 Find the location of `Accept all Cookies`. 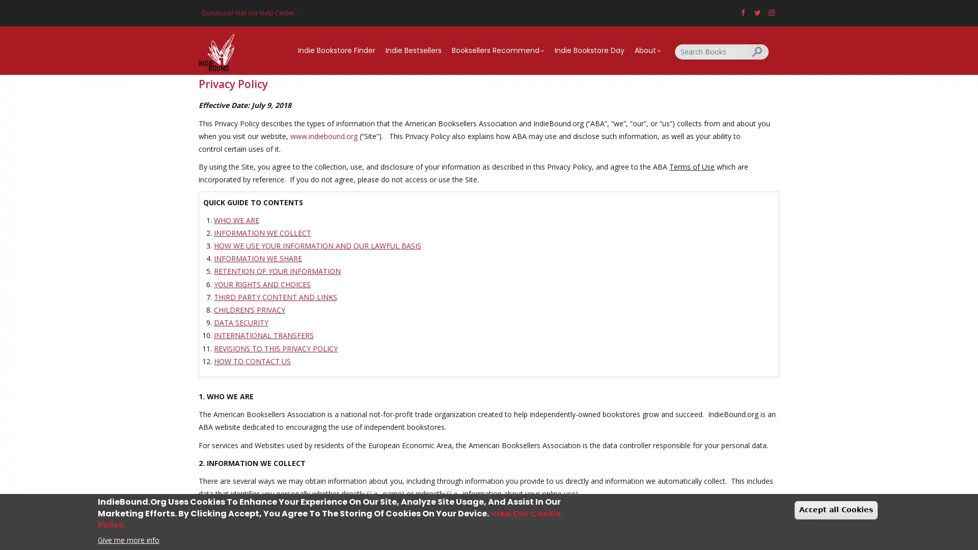

Accept all Cookies is located at coordinates (836, 510).